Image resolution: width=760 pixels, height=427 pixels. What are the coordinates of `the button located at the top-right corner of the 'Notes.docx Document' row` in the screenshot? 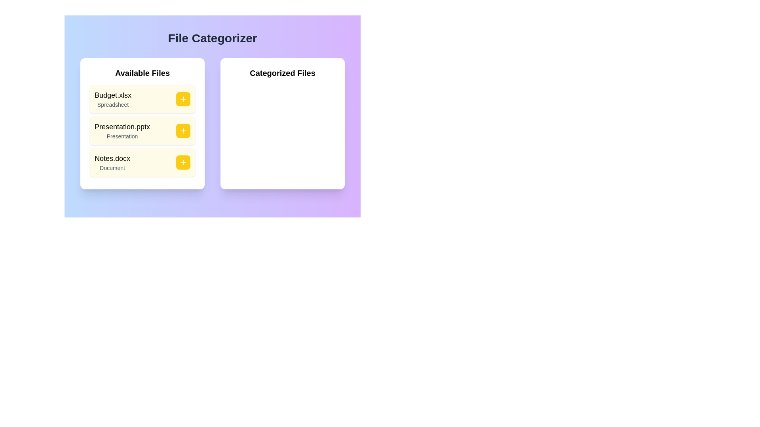 It's located at (182, 162).